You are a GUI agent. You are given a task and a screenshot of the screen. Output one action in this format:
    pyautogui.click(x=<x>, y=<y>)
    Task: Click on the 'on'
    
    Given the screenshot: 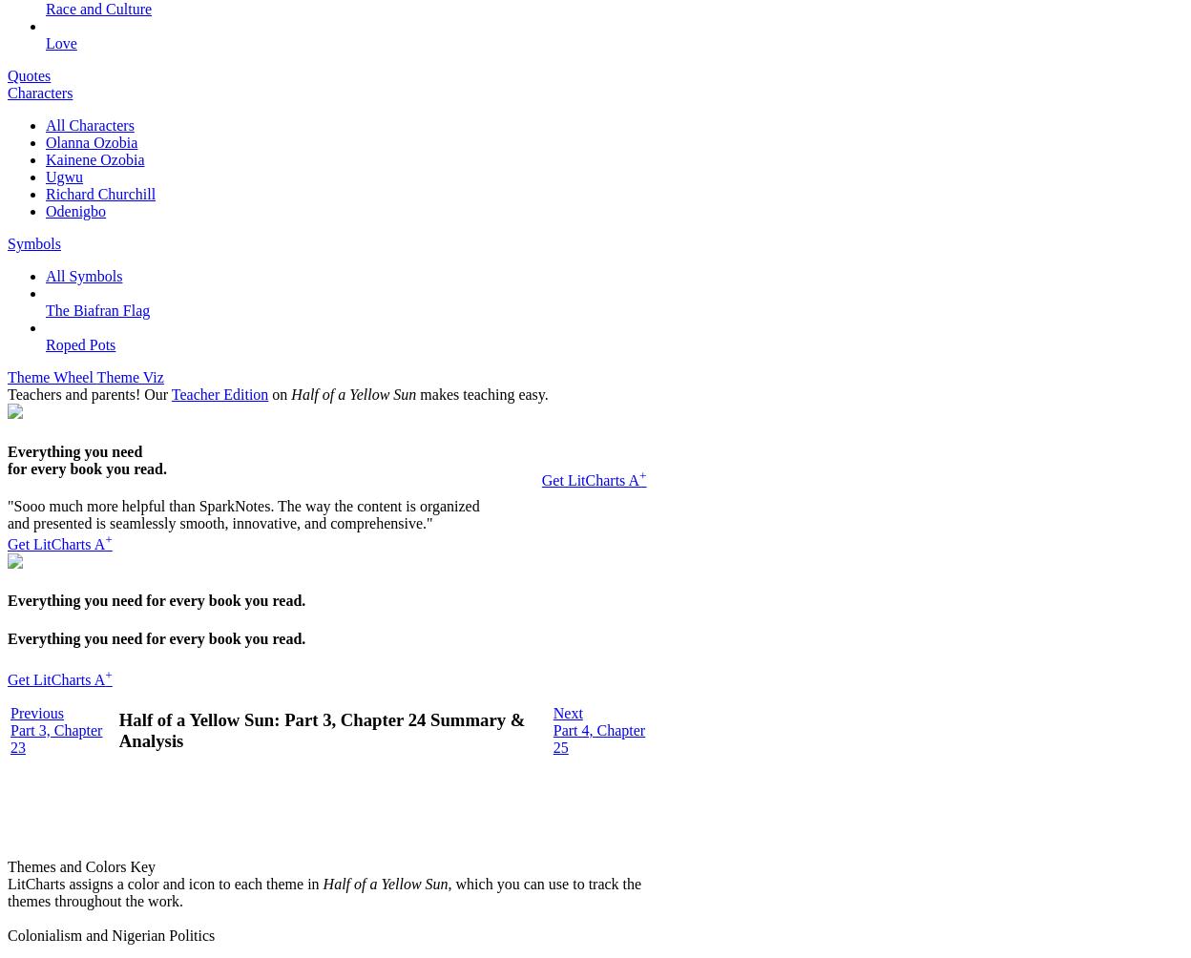 What is the action you would take?
    pyautogui.click(x=279, y=393)
    